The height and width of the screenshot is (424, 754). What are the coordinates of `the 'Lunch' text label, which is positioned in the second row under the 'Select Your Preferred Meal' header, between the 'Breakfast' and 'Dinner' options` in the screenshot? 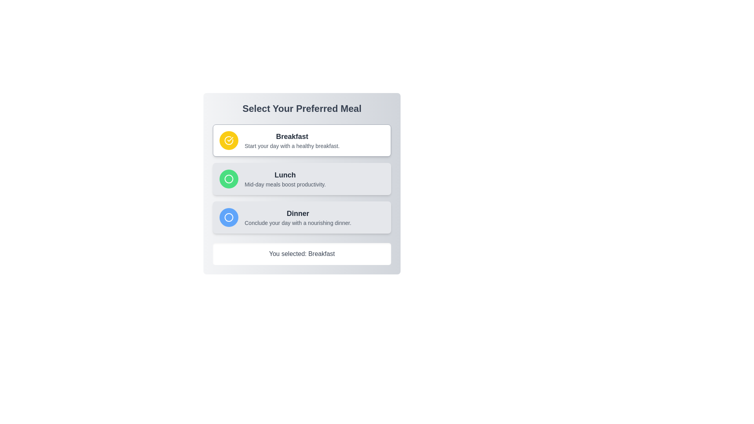 It's located at (285, 179).